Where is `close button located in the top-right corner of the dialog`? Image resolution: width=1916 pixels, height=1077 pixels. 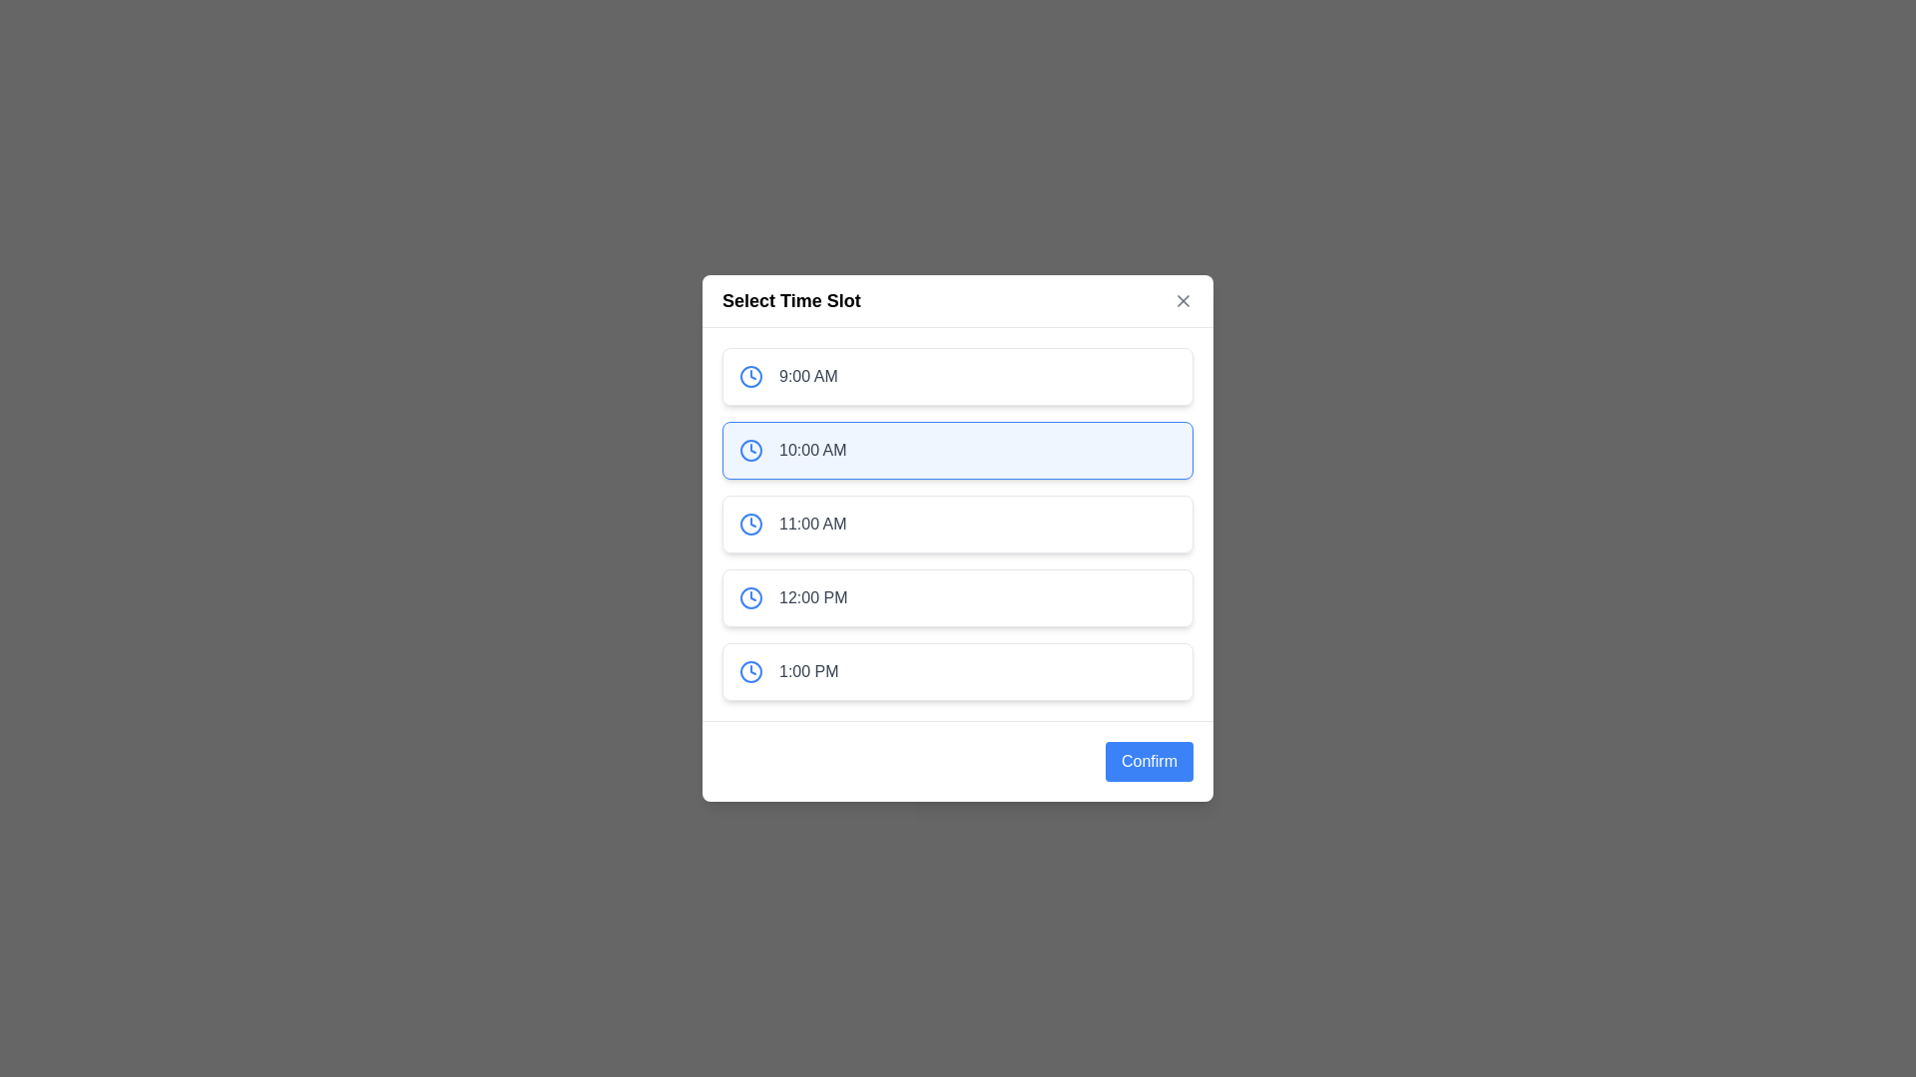
close button located in the top-right corner of the dialog is located at coordinates (1183, 300).